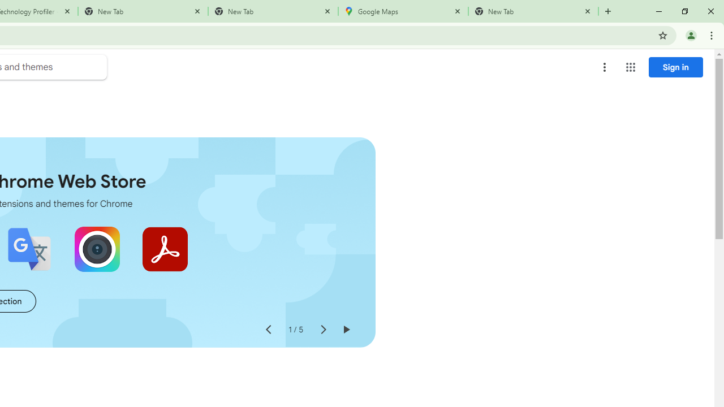  Describe the element at coordinates (533, 11) in the screenshot. I see `'New Tab'` at that location.